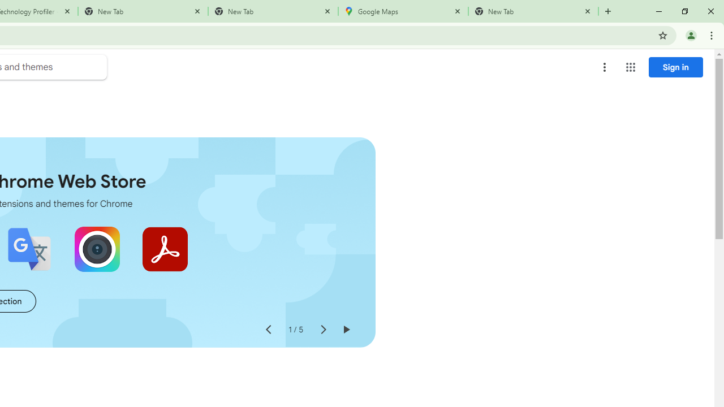  Describe the element at coordinates (533, 11) in the screenshot. I see `'New Tab'` at that location.